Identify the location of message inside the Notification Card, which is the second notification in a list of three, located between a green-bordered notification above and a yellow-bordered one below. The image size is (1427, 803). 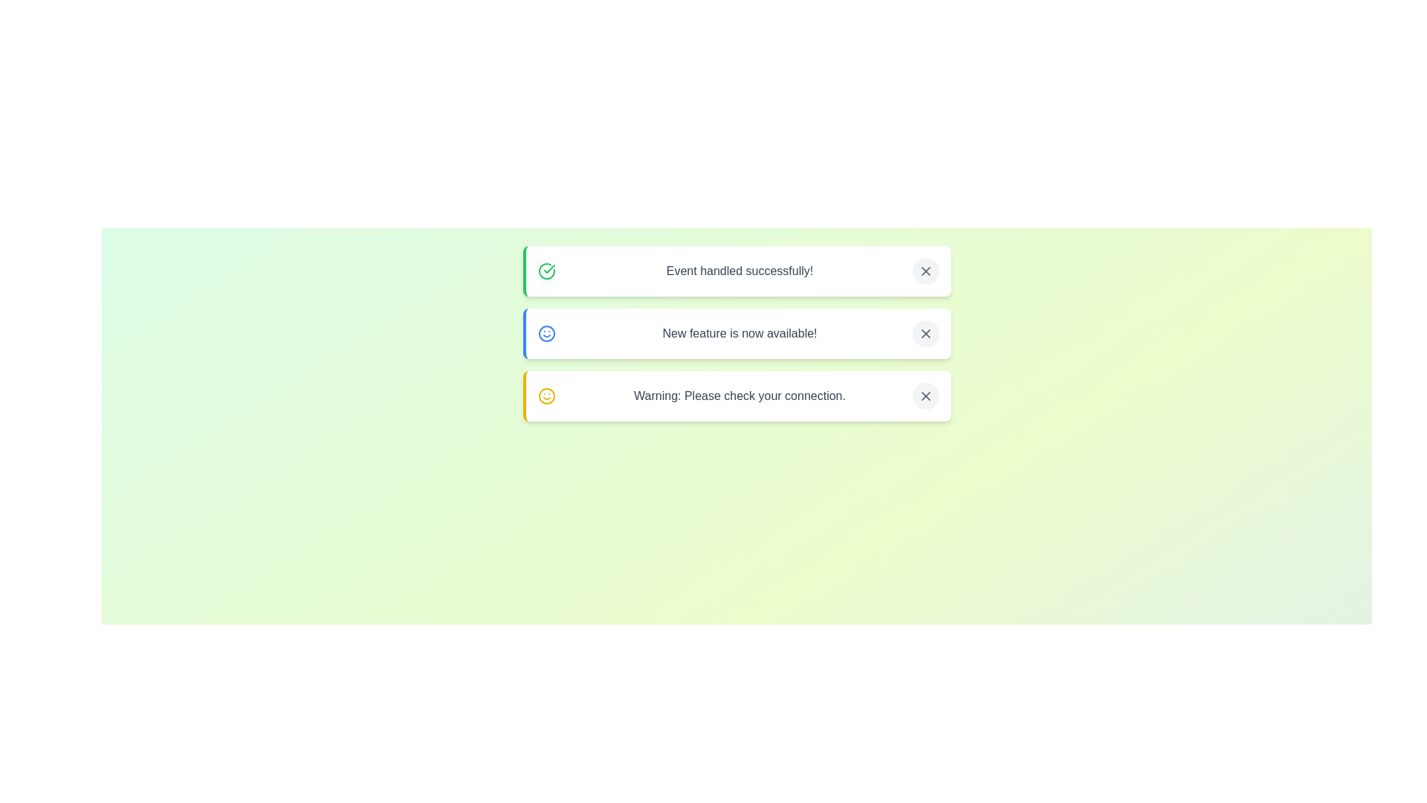
(737, 332).